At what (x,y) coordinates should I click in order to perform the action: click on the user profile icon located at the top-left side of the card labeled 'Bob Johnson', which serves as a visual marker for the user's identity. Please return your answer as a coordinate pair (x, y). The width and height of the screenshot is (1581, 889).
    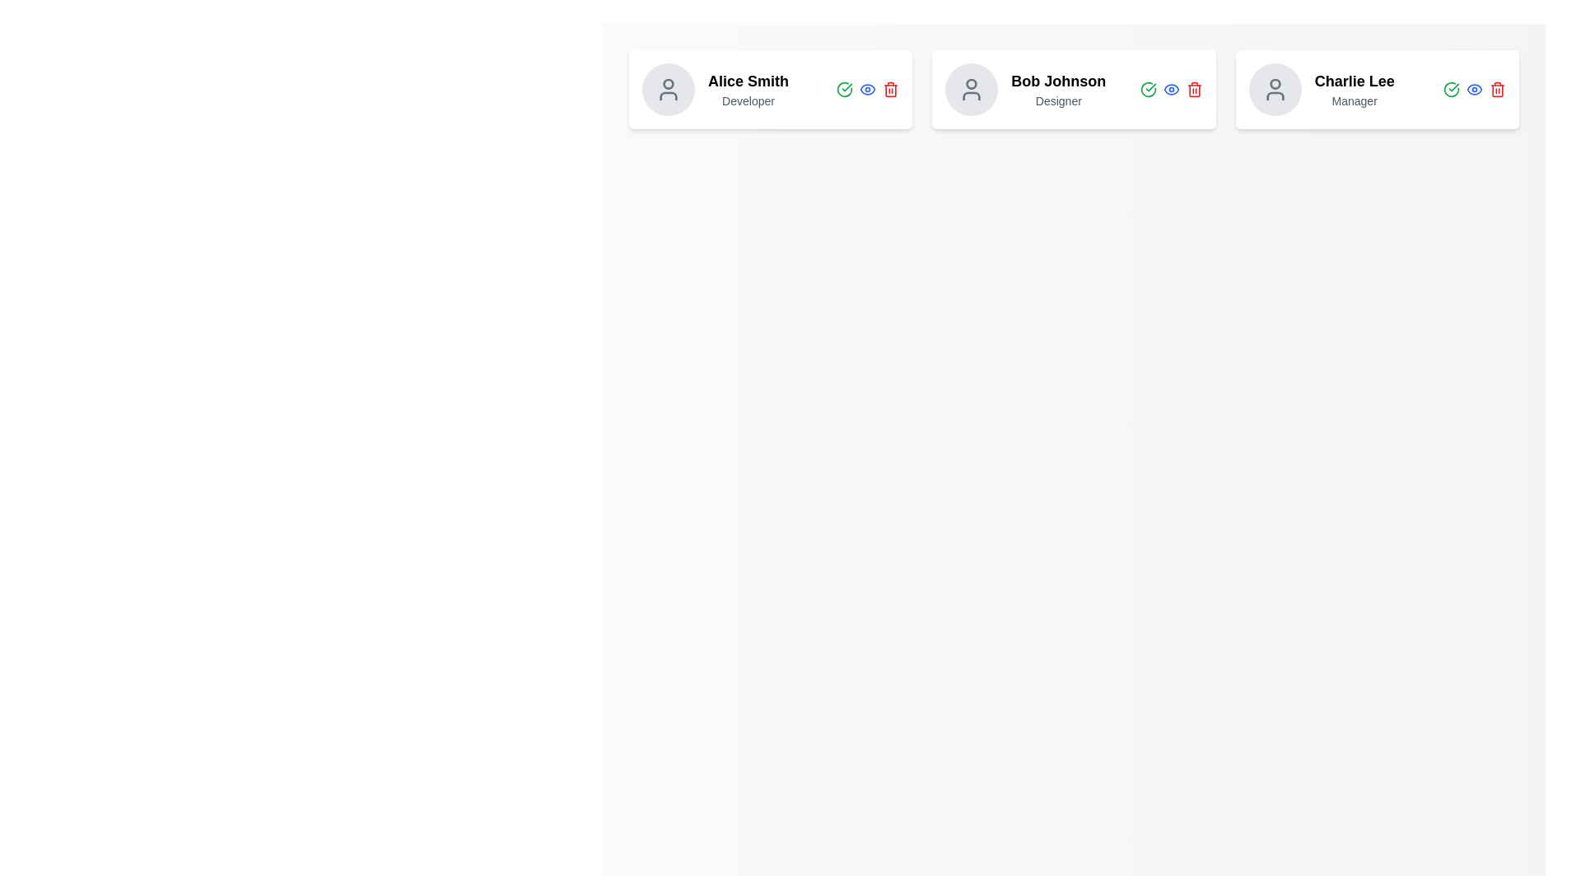
    Looking at the image, I should click on (972, 89).